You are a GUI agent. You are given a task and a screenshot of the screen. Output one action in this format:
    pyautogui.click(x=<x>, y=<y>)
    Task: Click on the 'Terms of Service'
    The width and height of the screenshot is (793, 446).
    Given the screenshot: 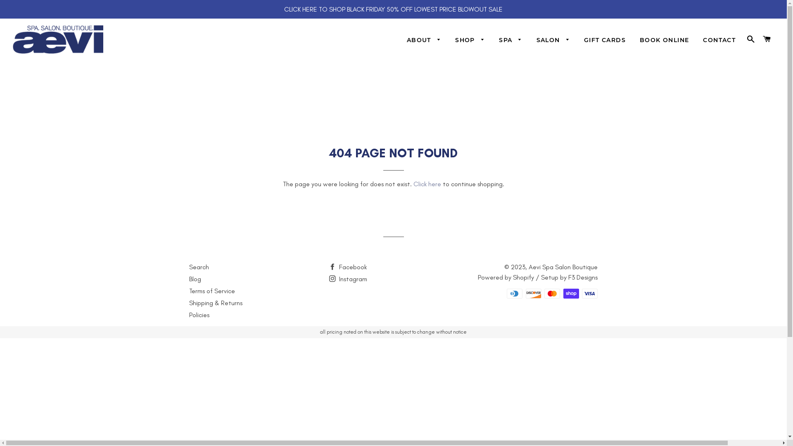 What is the action you would take?
    pyautogui.click(x=212, y=290)
    